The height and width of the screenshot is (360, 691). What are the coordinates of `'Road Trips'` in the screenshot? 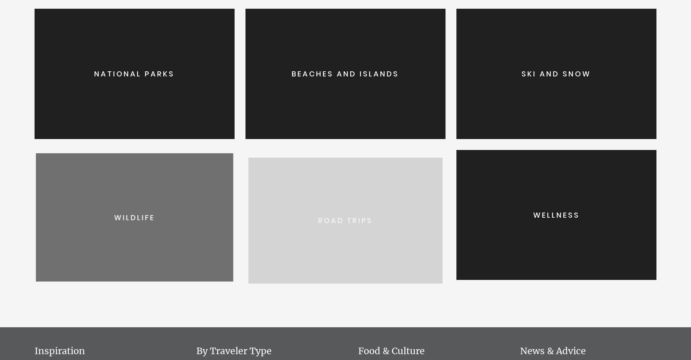 It's located at (345, 214).